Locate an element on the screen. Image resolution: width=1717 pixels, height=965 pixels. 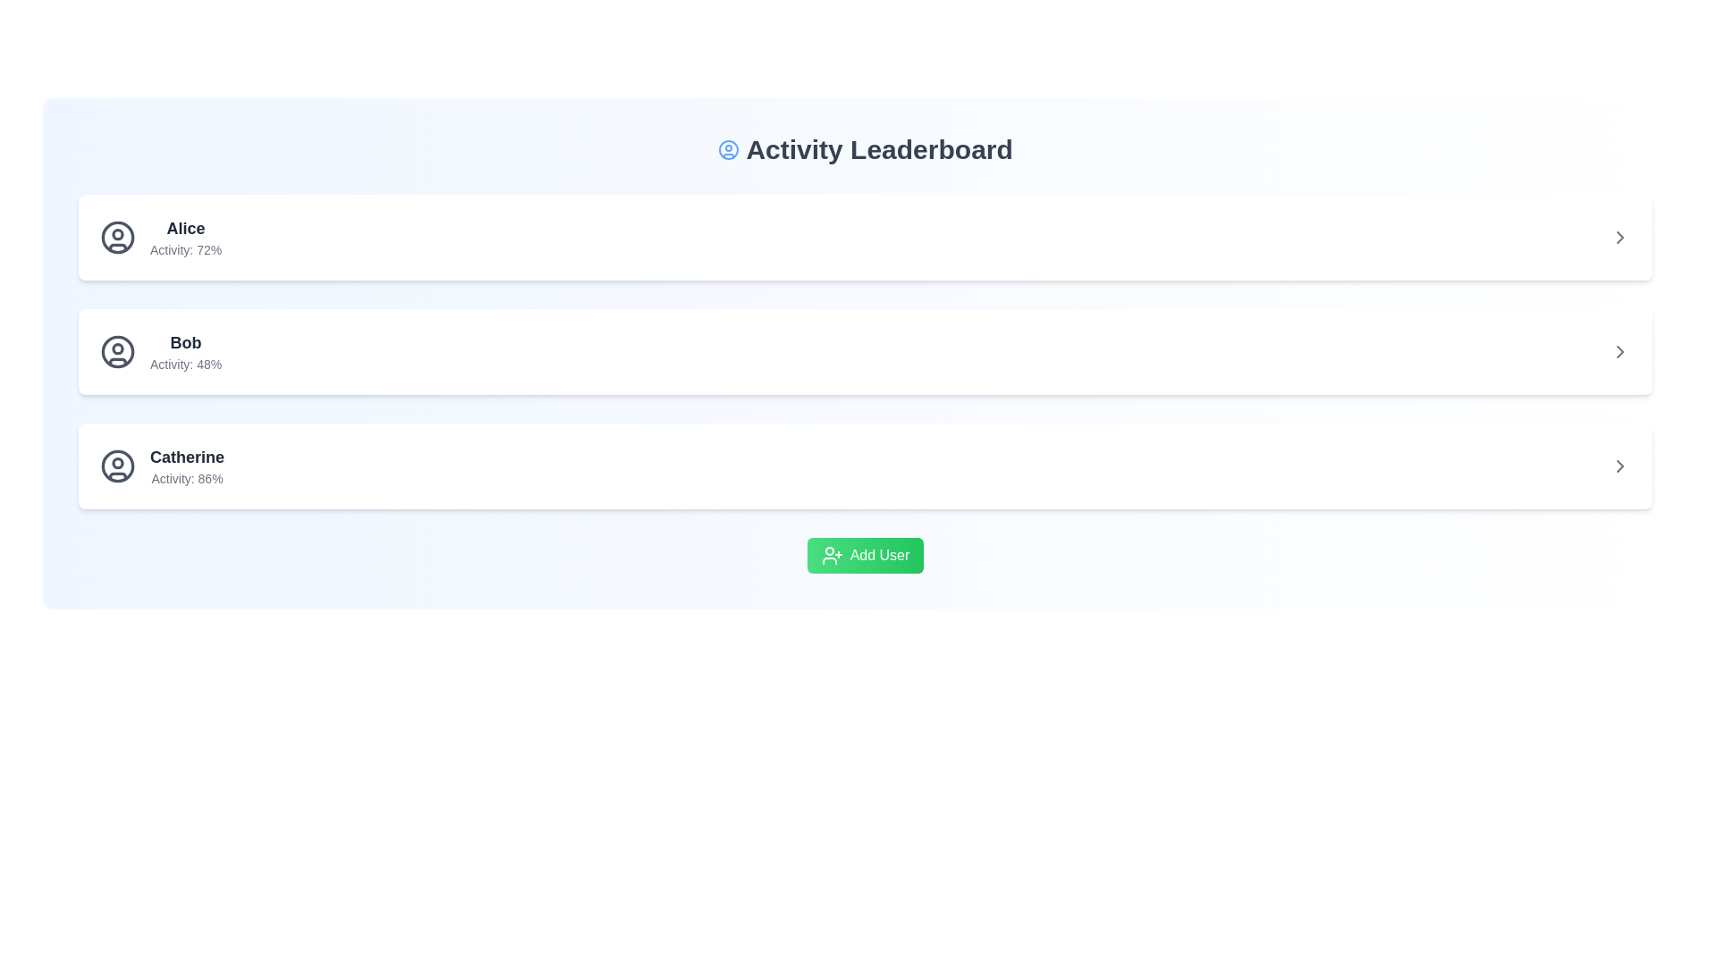
the circular visual indicator associated with the user entry for Alice, located within the avatar icon on the left side of the entry is located at coordinates (117, 233).